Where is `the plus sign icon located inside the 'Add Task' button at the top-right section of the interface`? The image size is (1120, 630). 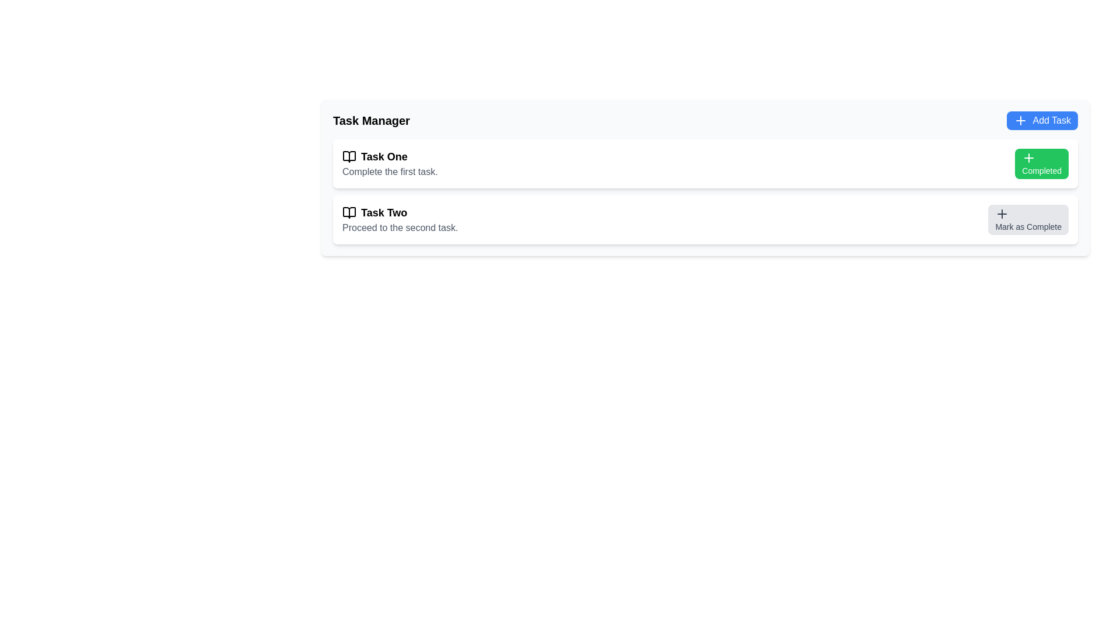
the plus sign icon located inside the 'Add Task' button at the top-right section of the interface is located at coordinates (1020, 121).